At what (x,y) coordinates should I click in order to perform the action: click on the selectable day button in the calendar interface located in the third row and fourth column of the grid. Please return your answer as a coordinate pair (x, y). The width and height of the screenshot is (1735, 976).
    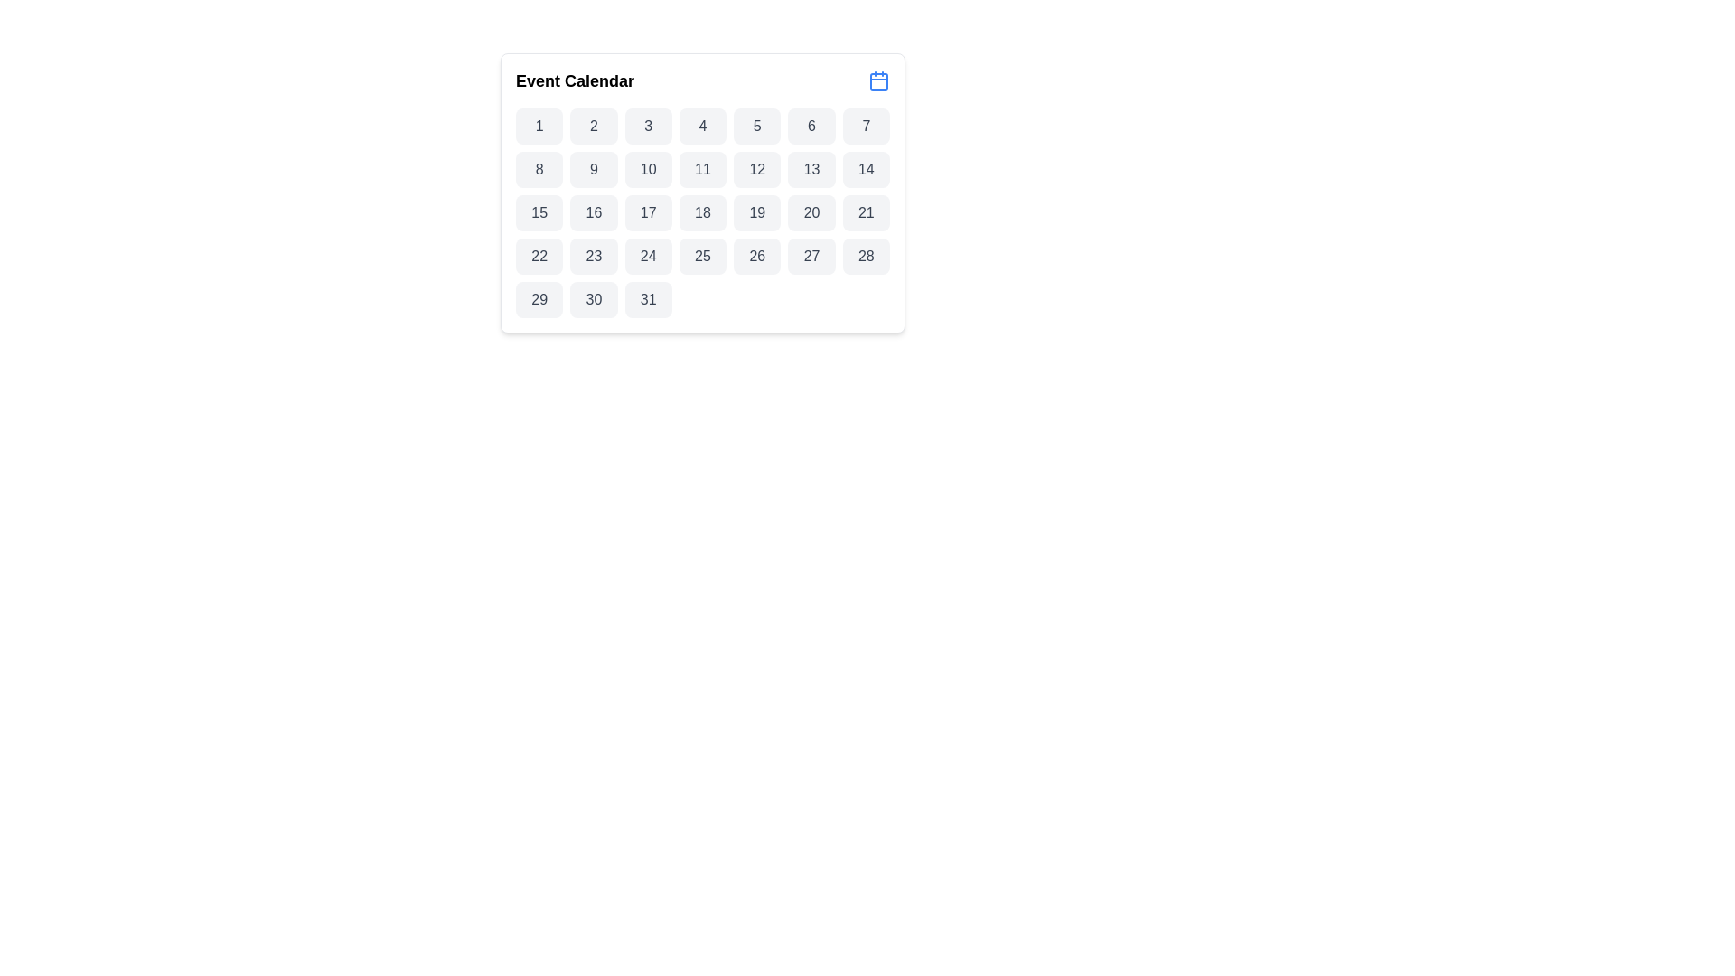
    Looking at the image, I should click on (648, 211).